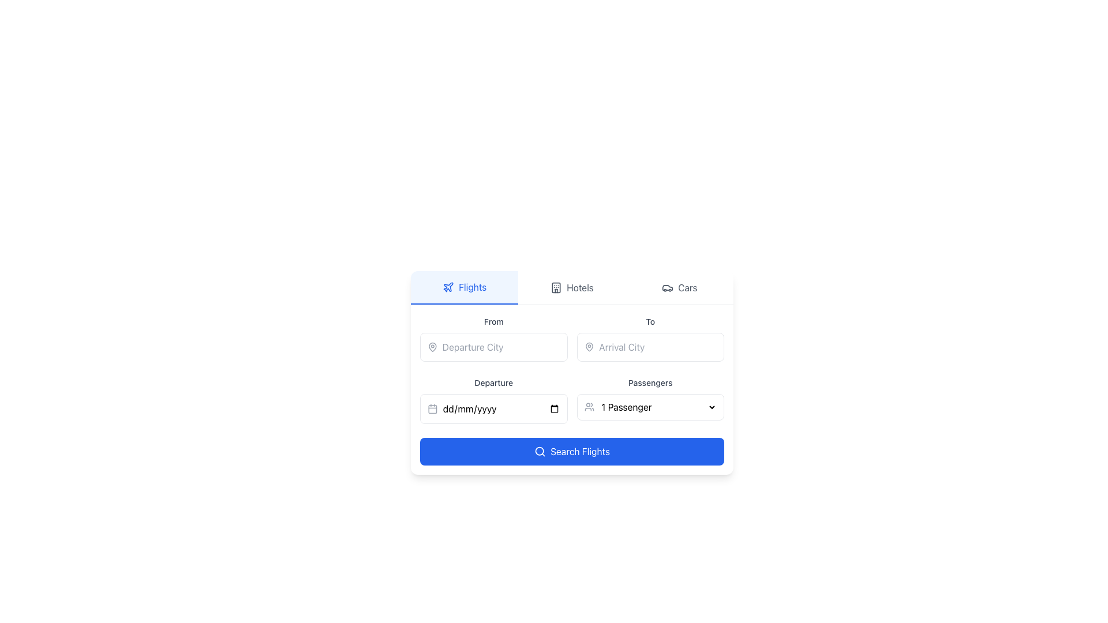  Describe the element at coordinates (679, 287) in the screenshot. I see `the 'Cars' navigation tab, which is the third tab in the horizontal navigation bar at the top-right of the interface and includes a minimalistic car icon` at that location.